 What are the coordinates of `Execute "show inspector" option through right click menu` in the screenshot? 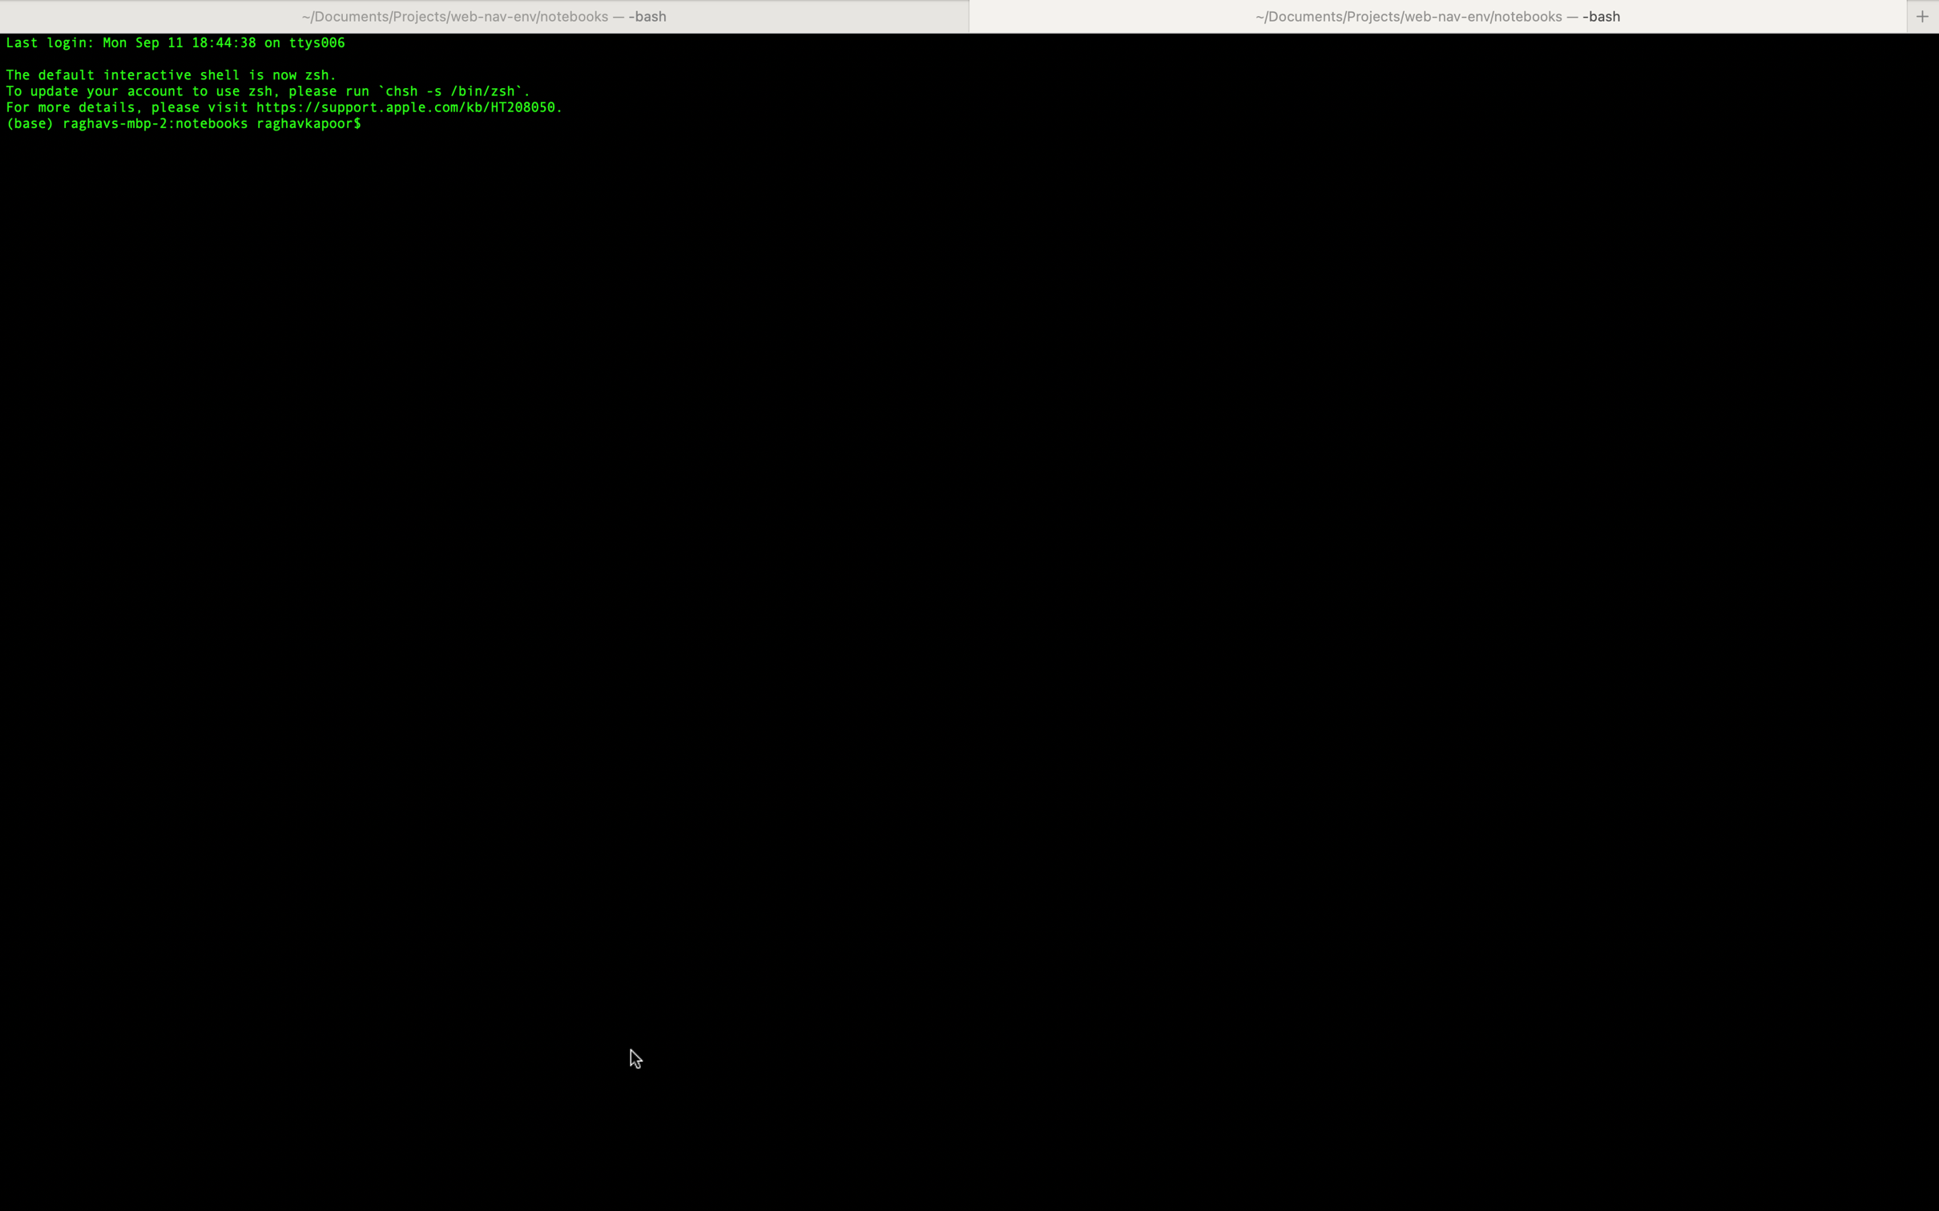 It's located at (972, 673).